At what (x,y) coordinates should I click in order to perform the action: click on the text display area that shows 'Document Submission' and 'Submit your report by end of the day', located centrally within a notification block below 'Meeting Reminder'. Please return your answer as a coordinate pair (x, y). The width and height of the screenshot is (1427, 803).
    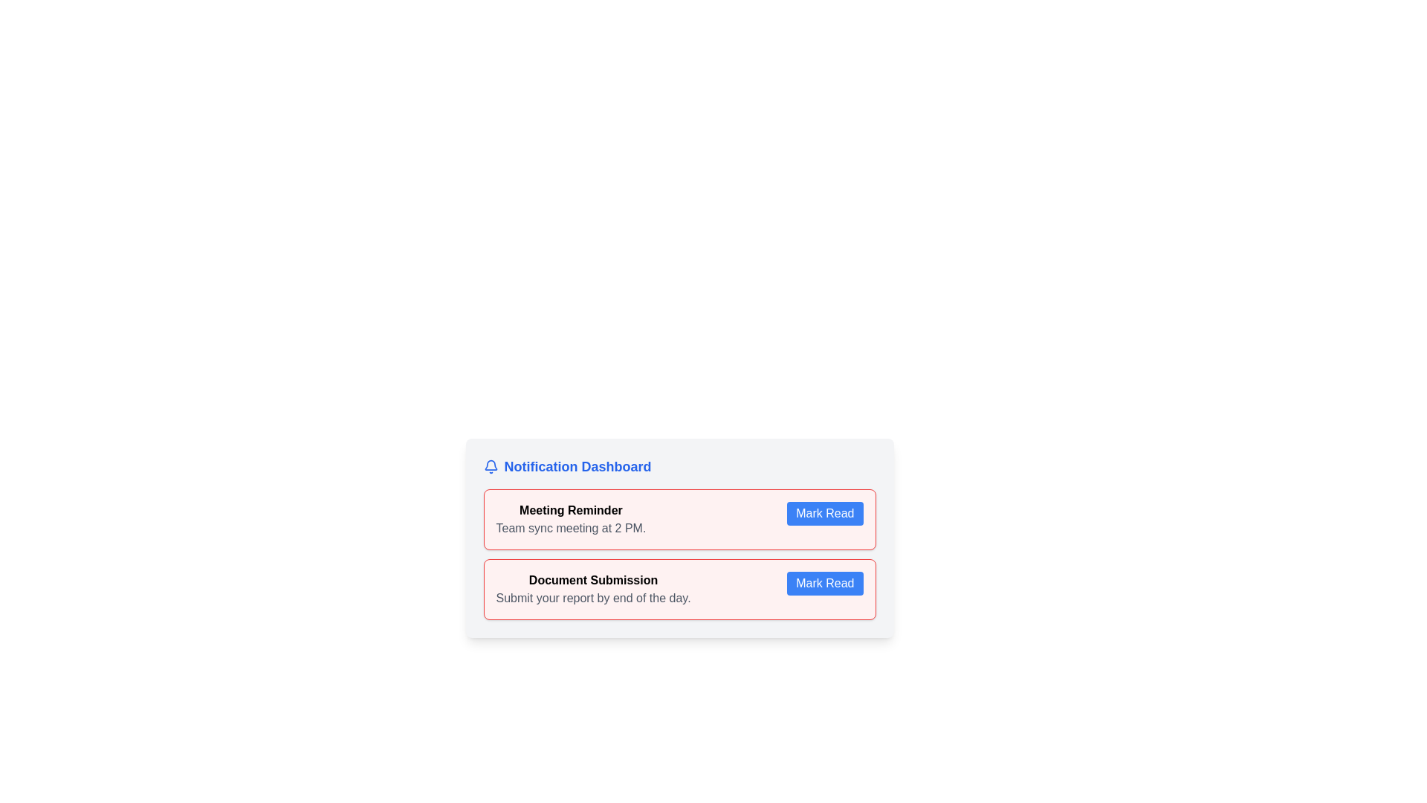
    Looking at the image, I should click on (592, 589).